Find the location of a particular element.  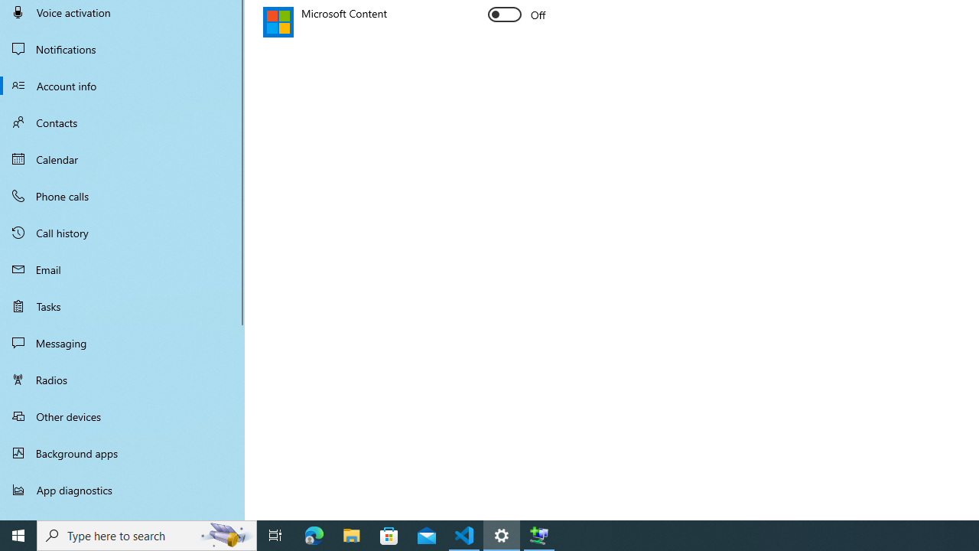

'Contacts' is located at coordinates (122, 122).